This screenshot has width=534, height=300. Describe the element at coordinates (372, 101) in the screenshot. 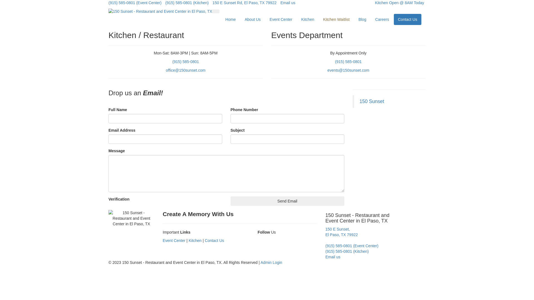

I see `'150 Sunset'` at that location.